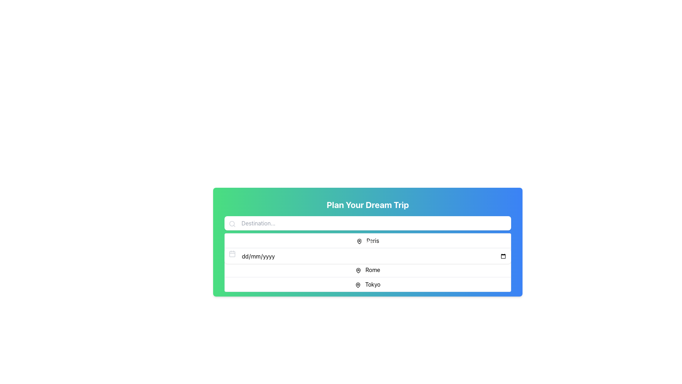  I want to click on the 'Plan My Journey' button to change its visual state, which features a green background that darkens on hover, so click(368, 278).